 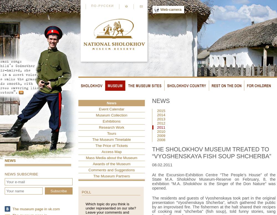 I want to click on '08.02.2011', so click(x=162, y=165).